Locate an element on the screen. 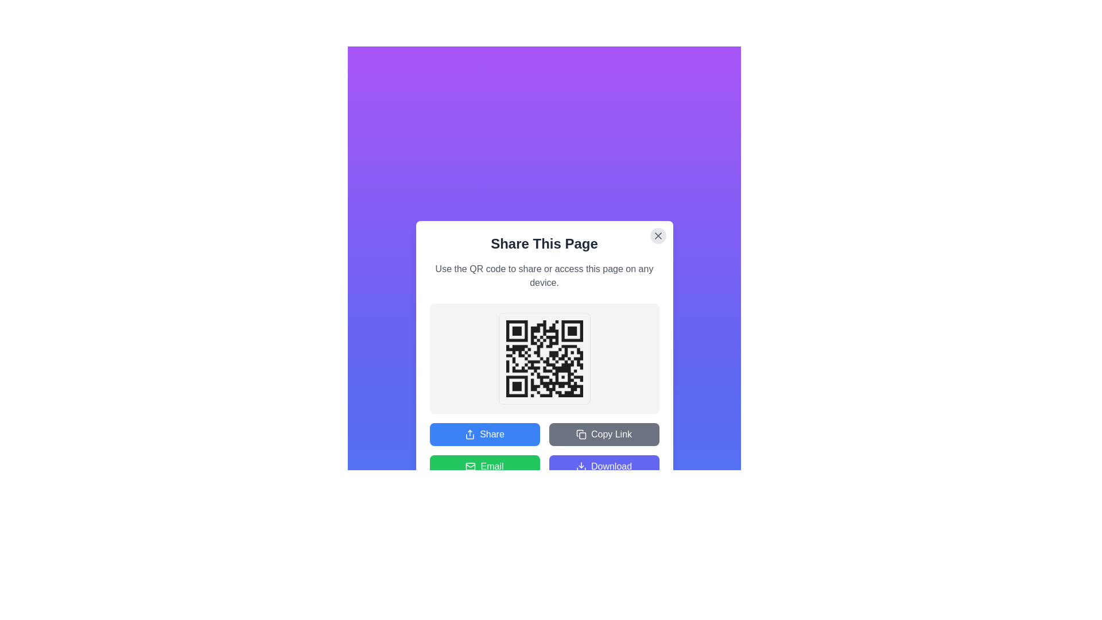 This screenshot has height=620, width=1102. the small, circular gray button with an 'X' icon at the top-right corner of the 'Share This Page' modal is located at coordinates (658, 235).